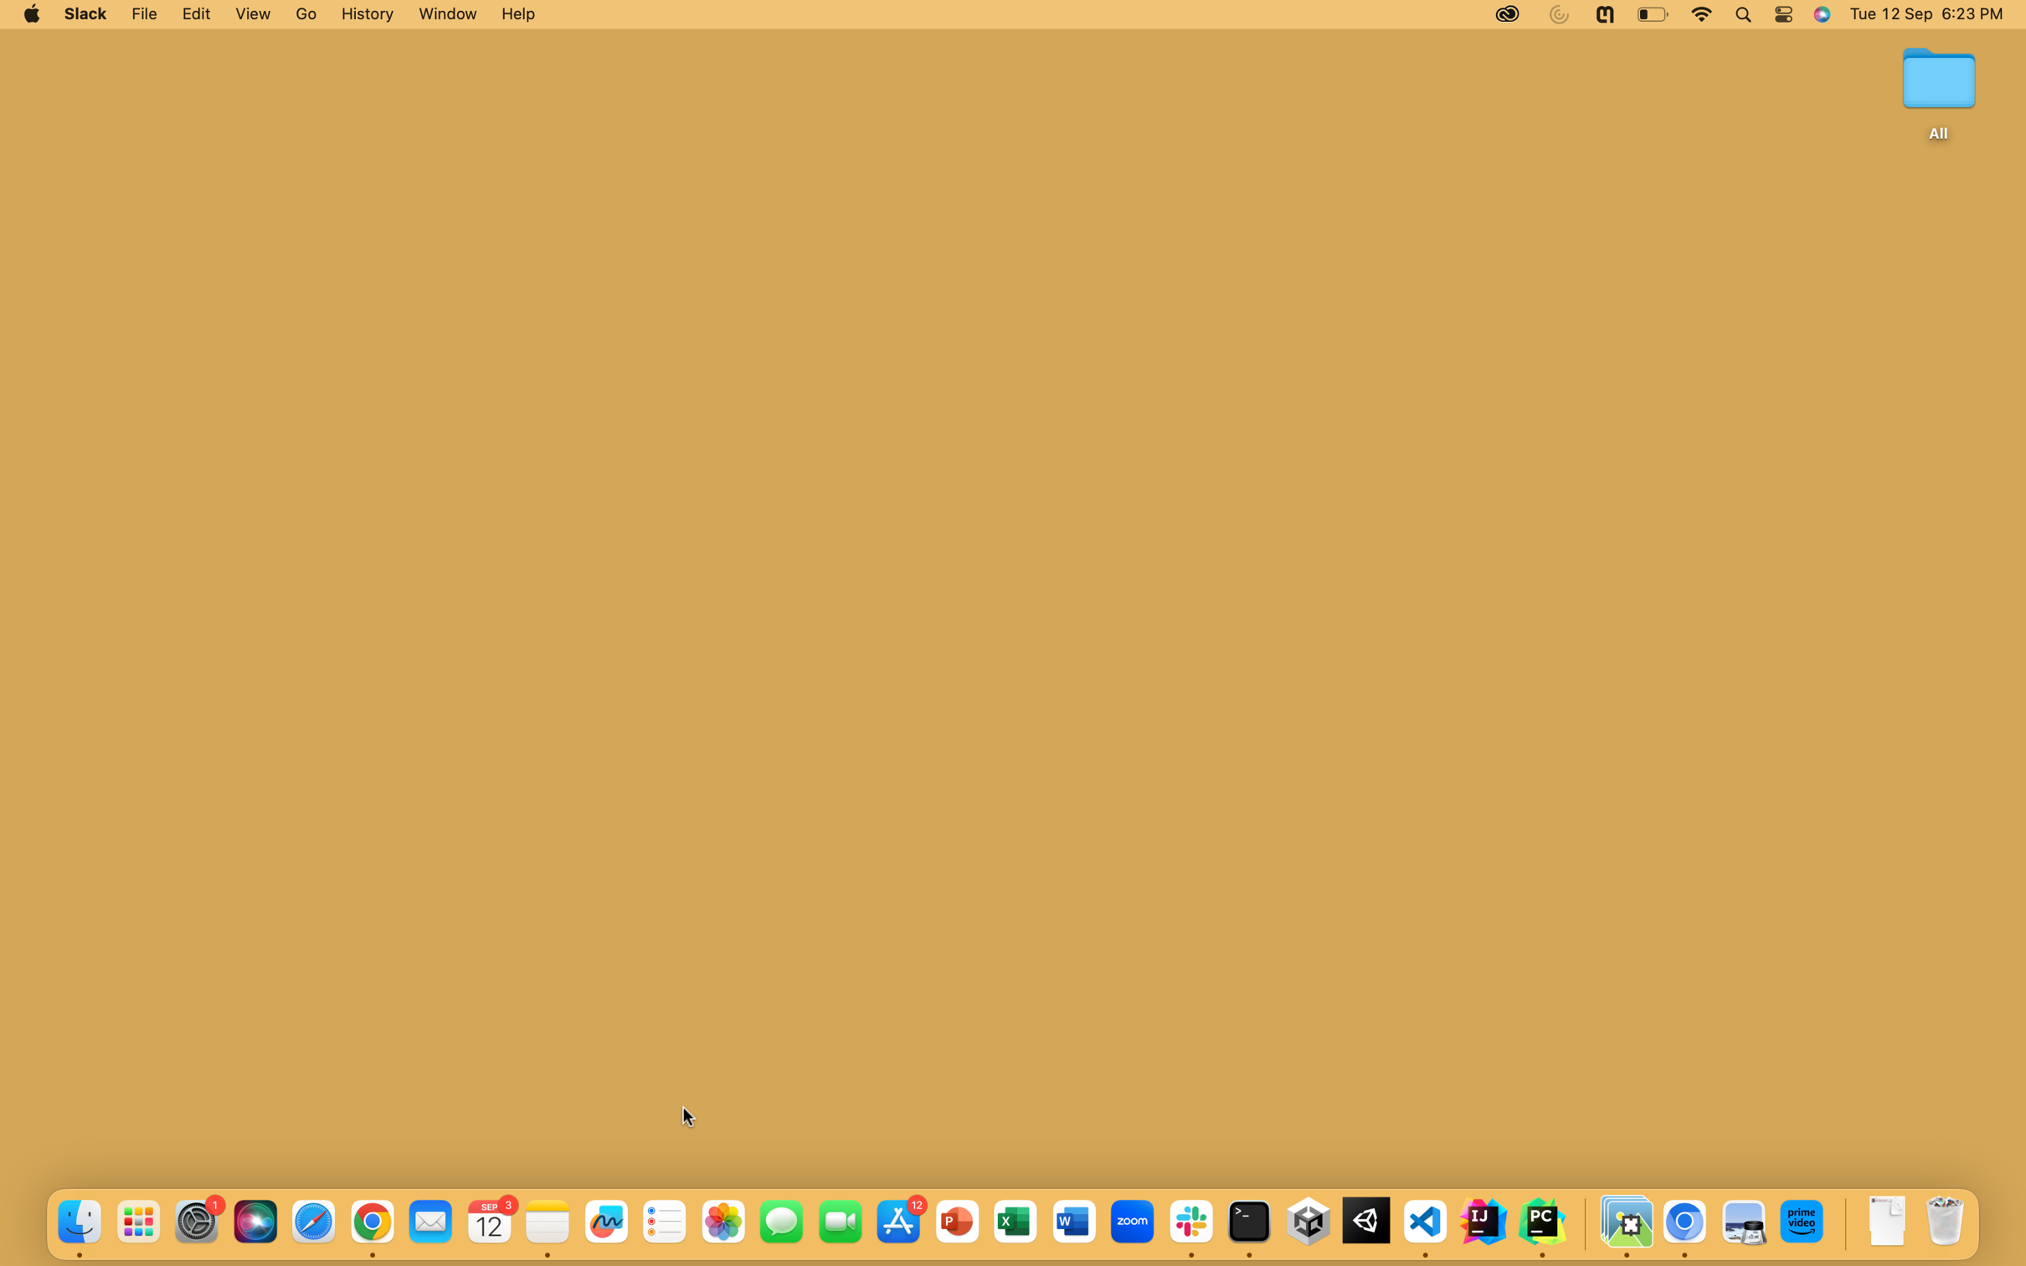 This screenshot has height=1266, width=2026. I want to click on the Window Options on screen, so click(445, 14).